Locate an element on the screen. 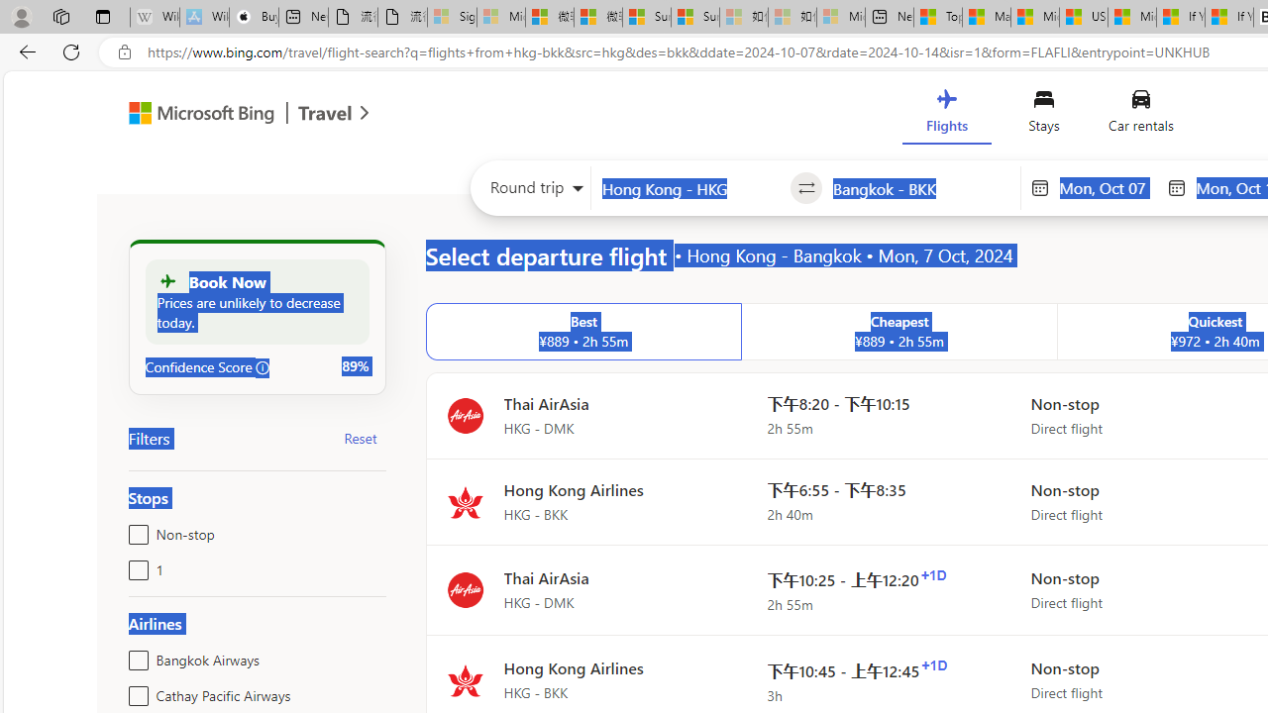  'Select trip type' is located at coordinates (531, 192).